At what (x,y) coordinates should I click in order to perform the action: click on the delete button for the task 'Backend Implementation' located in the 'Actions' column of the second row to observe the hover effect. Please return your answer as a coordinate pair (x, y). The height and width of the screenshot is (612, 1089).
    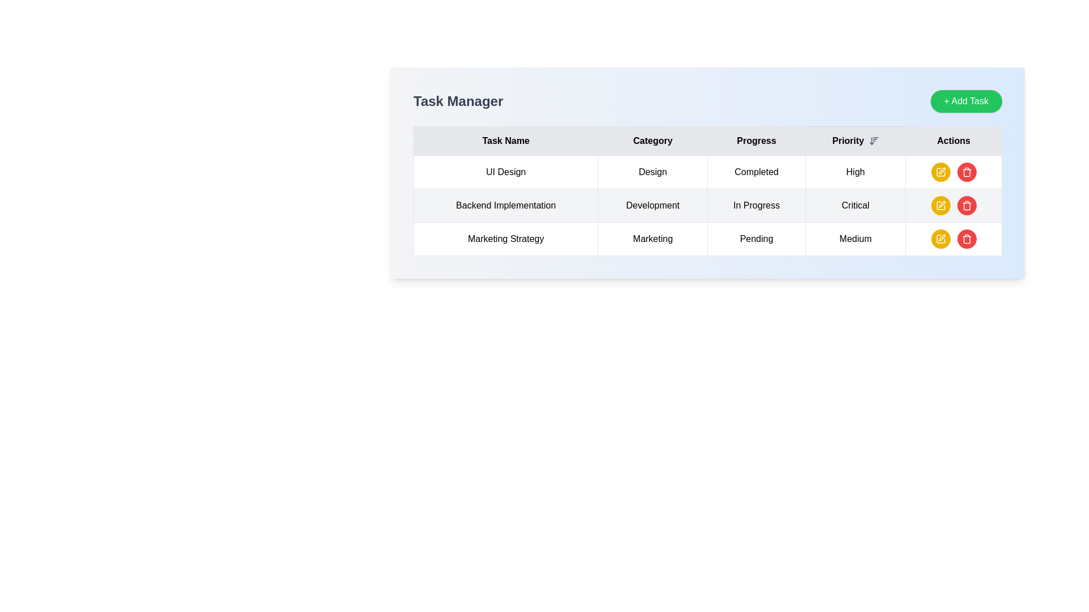
    Looking at the image, I should click on (966, 205).